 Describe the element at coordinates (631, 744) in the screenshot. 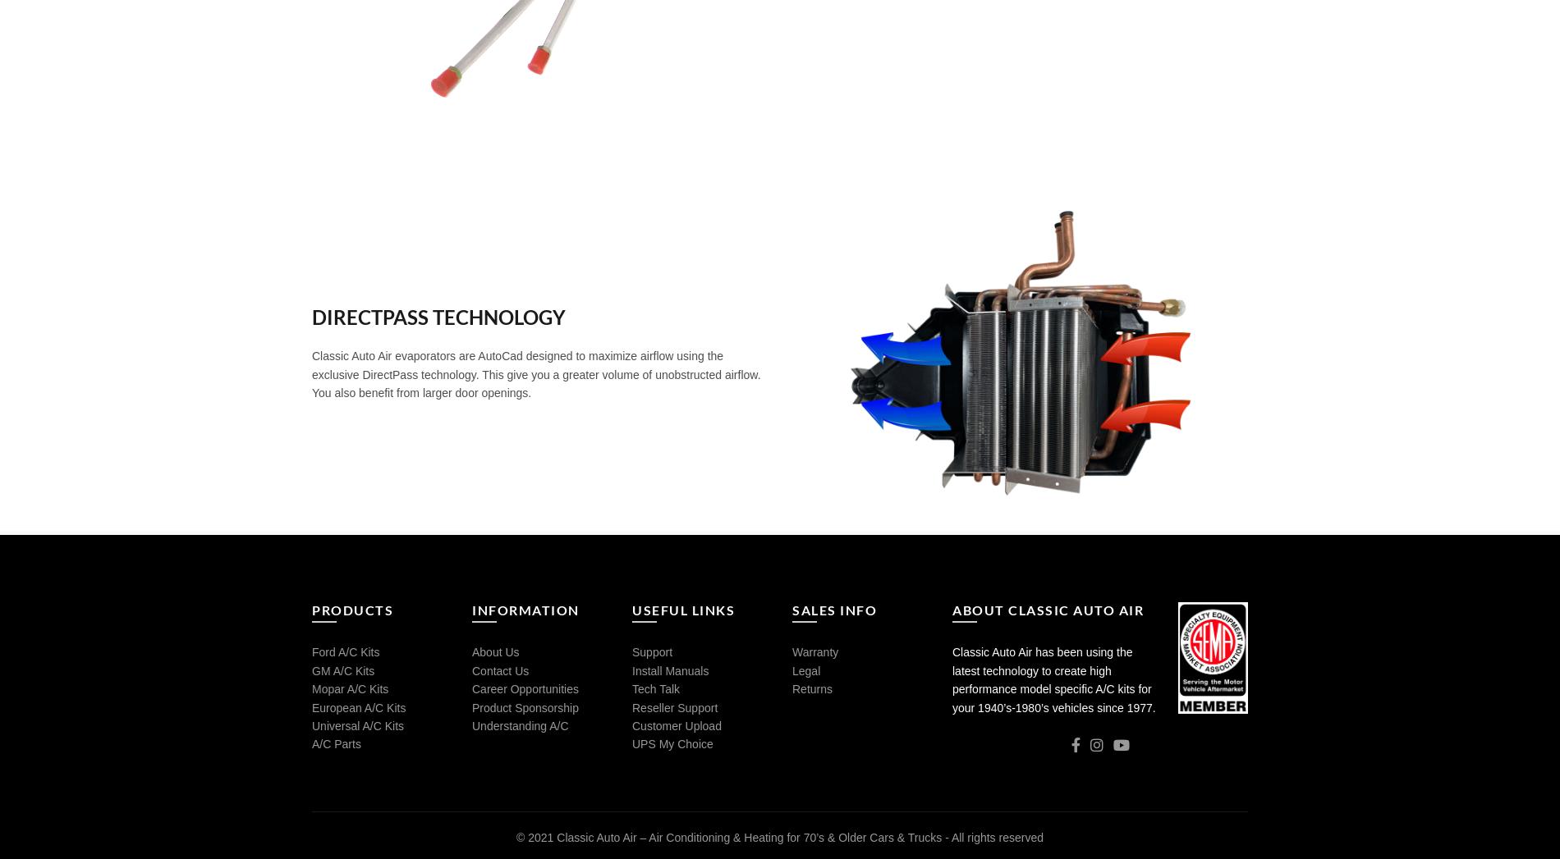

I see `'UPS My Choice'` at that location.